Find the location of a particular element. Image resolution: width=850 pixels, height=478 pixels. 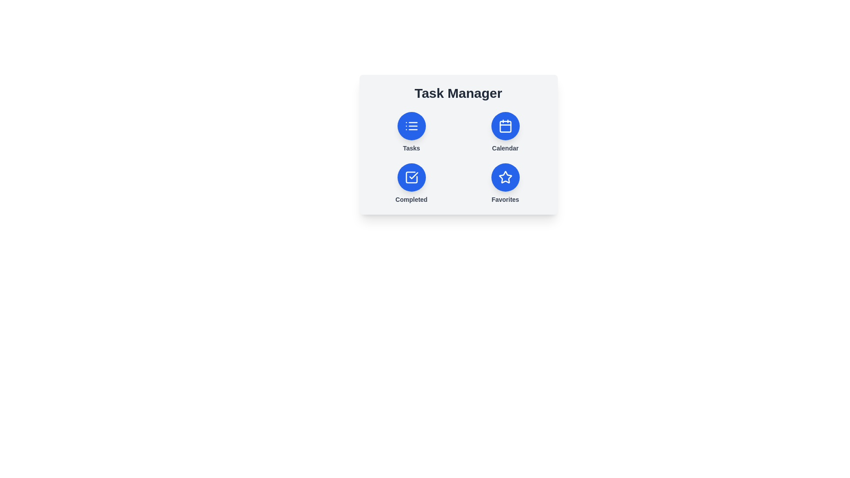

the rounded blue button labeled 'Favorites' with a white star icon is located at coordinates (505, 183).